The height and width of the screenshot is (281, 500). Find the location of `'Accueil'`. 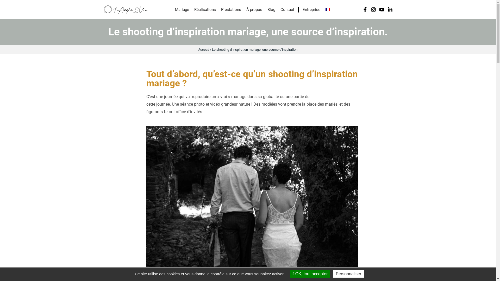

'Accueil' is located at coordinates (203, 49).